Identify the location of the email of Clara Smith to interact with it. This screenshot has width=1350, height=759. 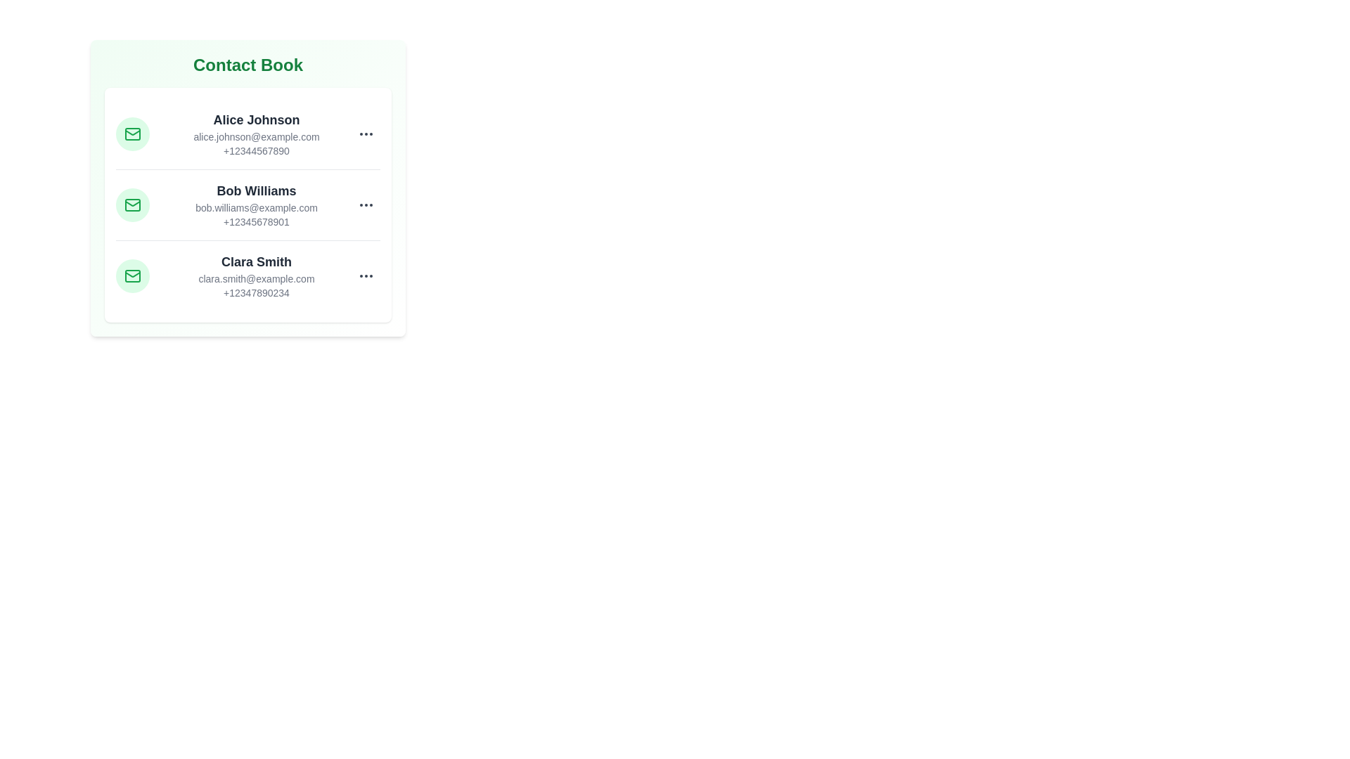
(256, 279).